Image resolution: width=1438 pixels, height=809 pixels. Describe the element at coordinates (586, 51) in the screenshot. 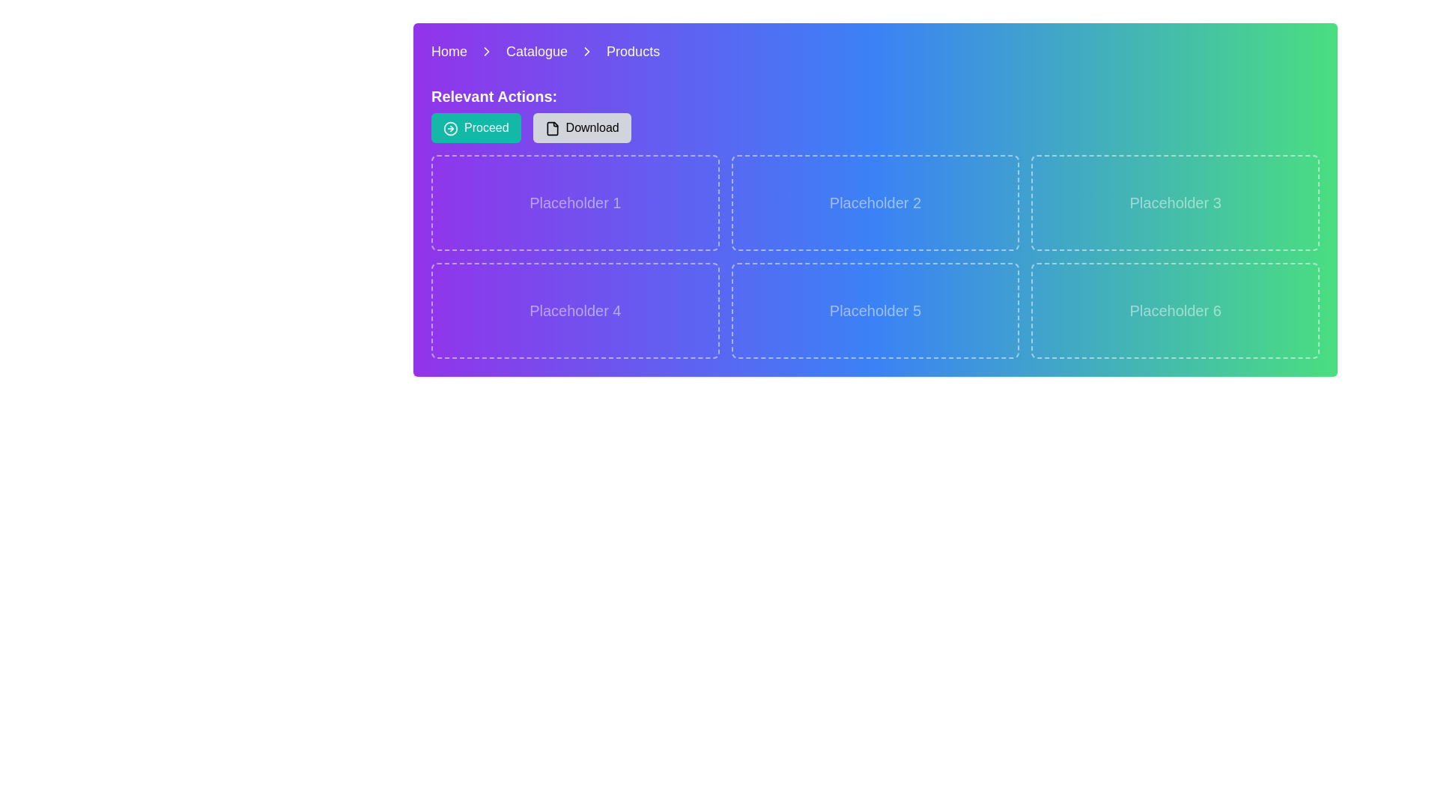

I see `the SVG graphical element representing the chevron arrow located between the 'Catalogue' and 'Products' breadcrumb links in the top navigation bar` at that location.